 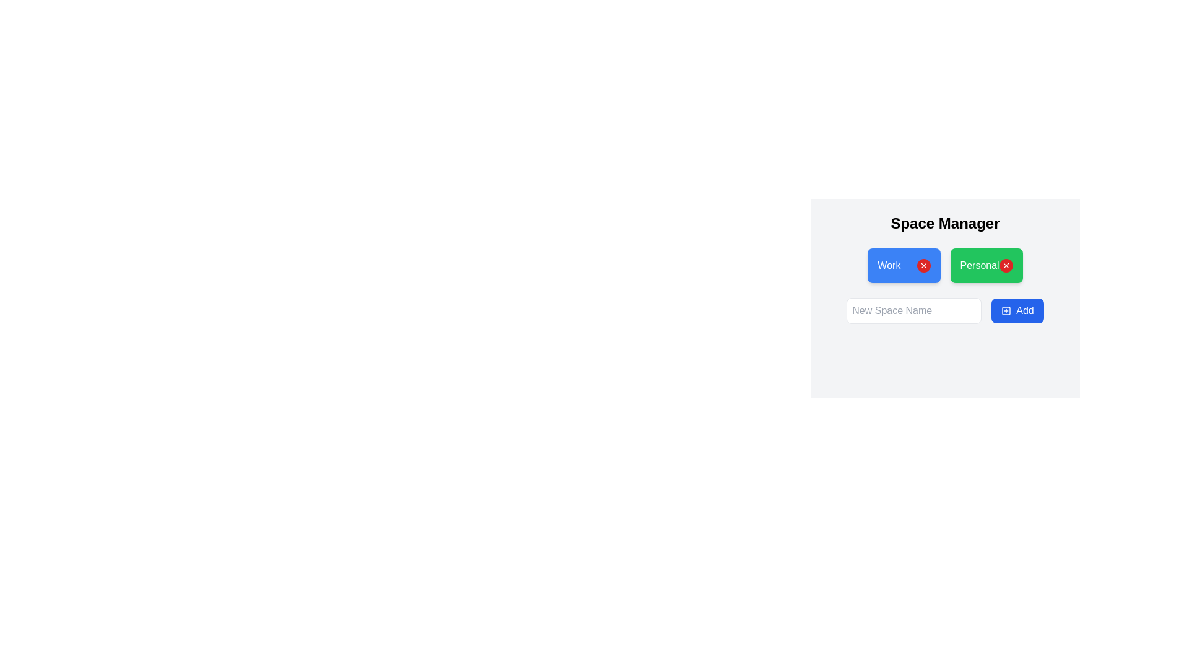 What do you see at coordinates (923, 265) in the screenshot?
I see `the small circular red button with a white 'X' icon located on the right side of the 'Work' button` at bounding box center [923, 265].